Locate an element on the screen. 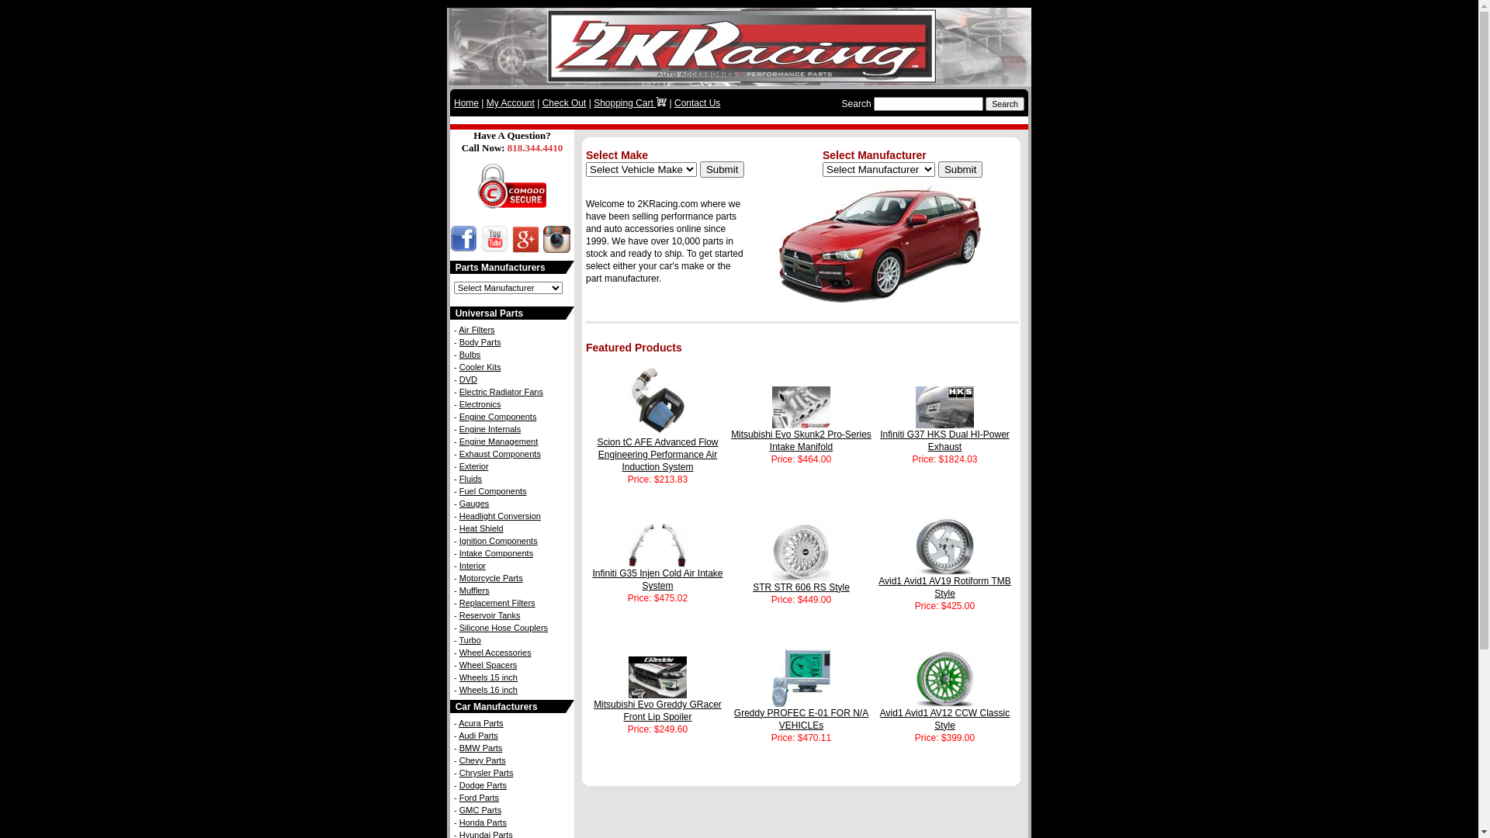 The image size is (1490, 838). 'Cooler Kits' is located at coordinates (480, 367).